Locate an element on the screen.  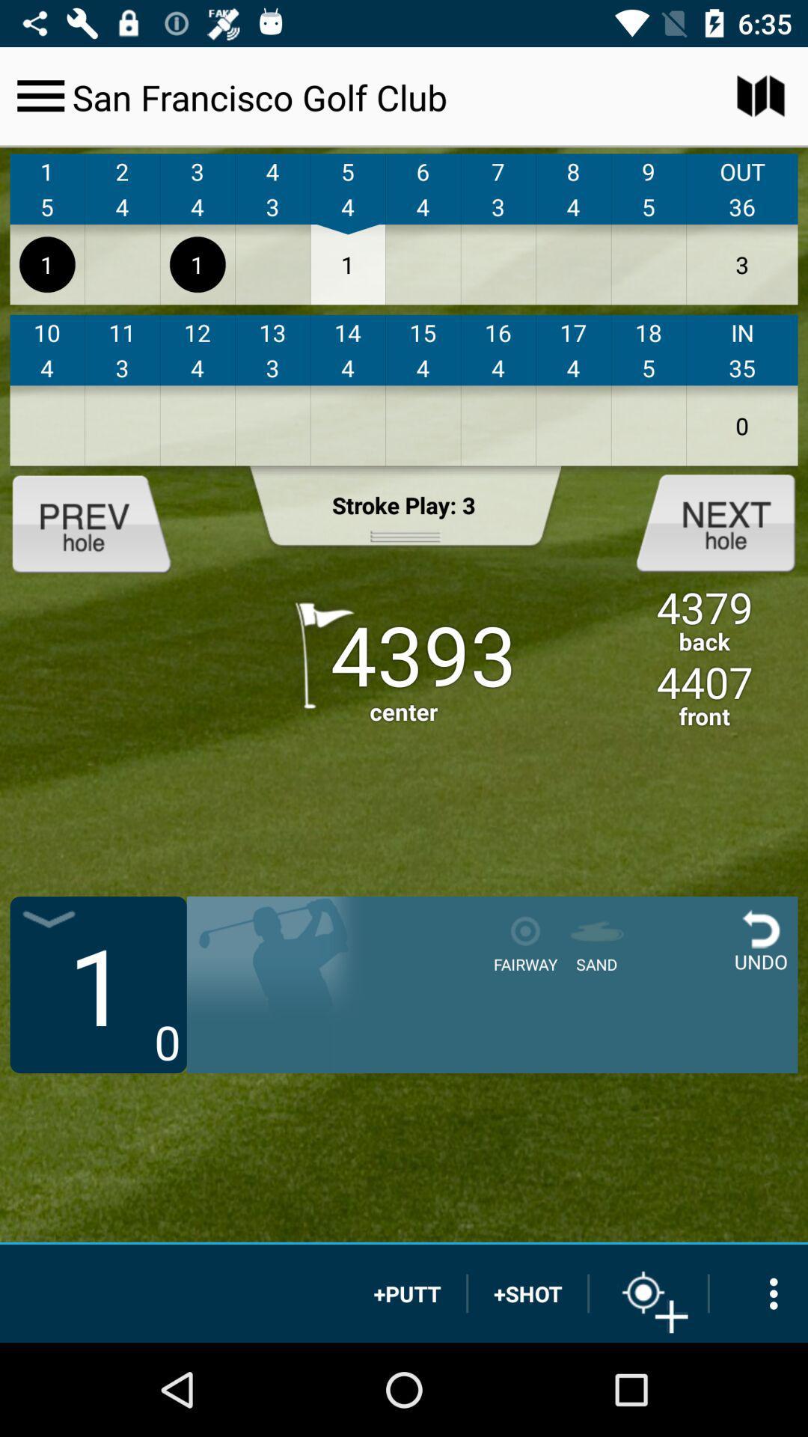
options is located at coordinates (759, 1293).